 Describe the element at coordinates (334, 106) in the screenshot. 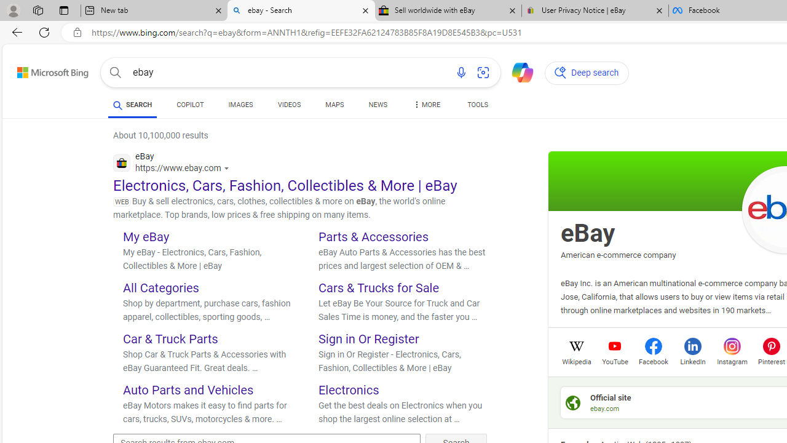

I see `'MAPS'` at that location.